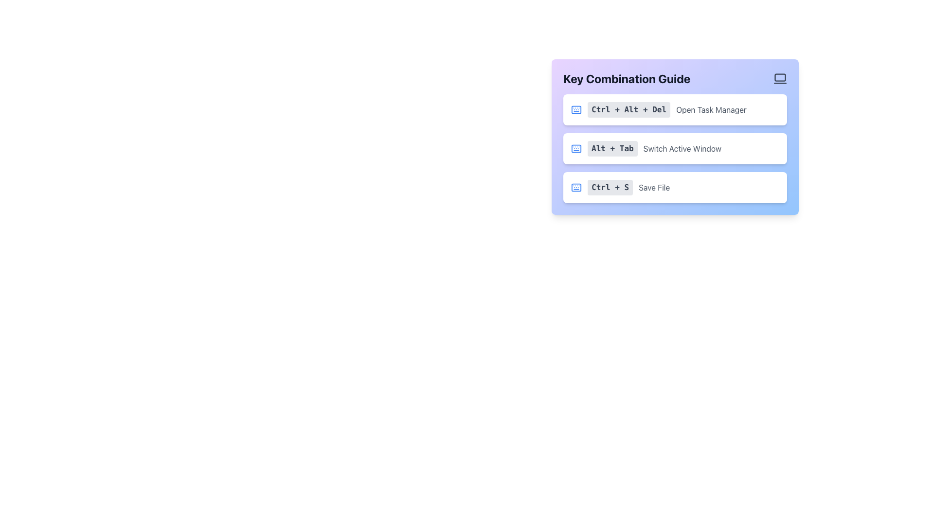 This screenshot has height=525, width=934. I want to click on the third text label in the 'Key Combination Guide' panel, which describes the action triggered by 'Ctrl + S', so click(654, 187).